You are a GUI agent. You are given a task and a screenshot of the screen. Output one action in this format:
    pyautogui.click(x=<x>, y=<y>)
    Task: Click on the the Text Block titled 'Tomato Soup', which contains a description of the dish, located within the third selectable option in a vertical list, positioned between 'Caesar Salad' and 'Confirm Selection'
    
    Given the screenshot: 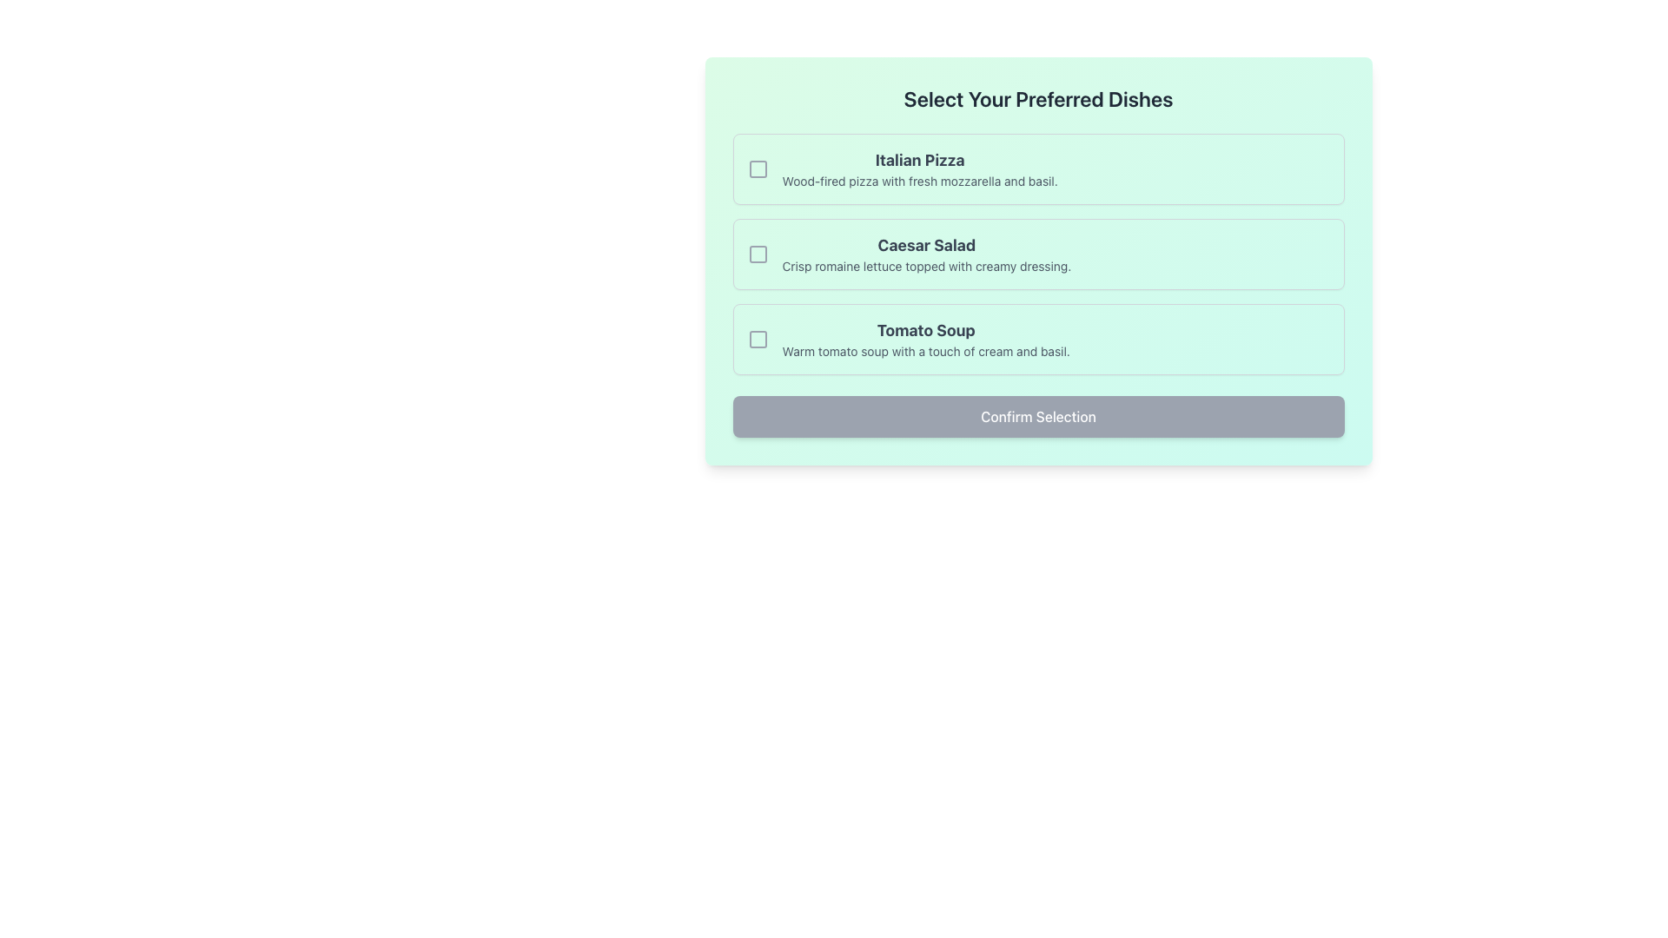 What is the action you would take?
    pyautogui.click(x=925, y=339)
    